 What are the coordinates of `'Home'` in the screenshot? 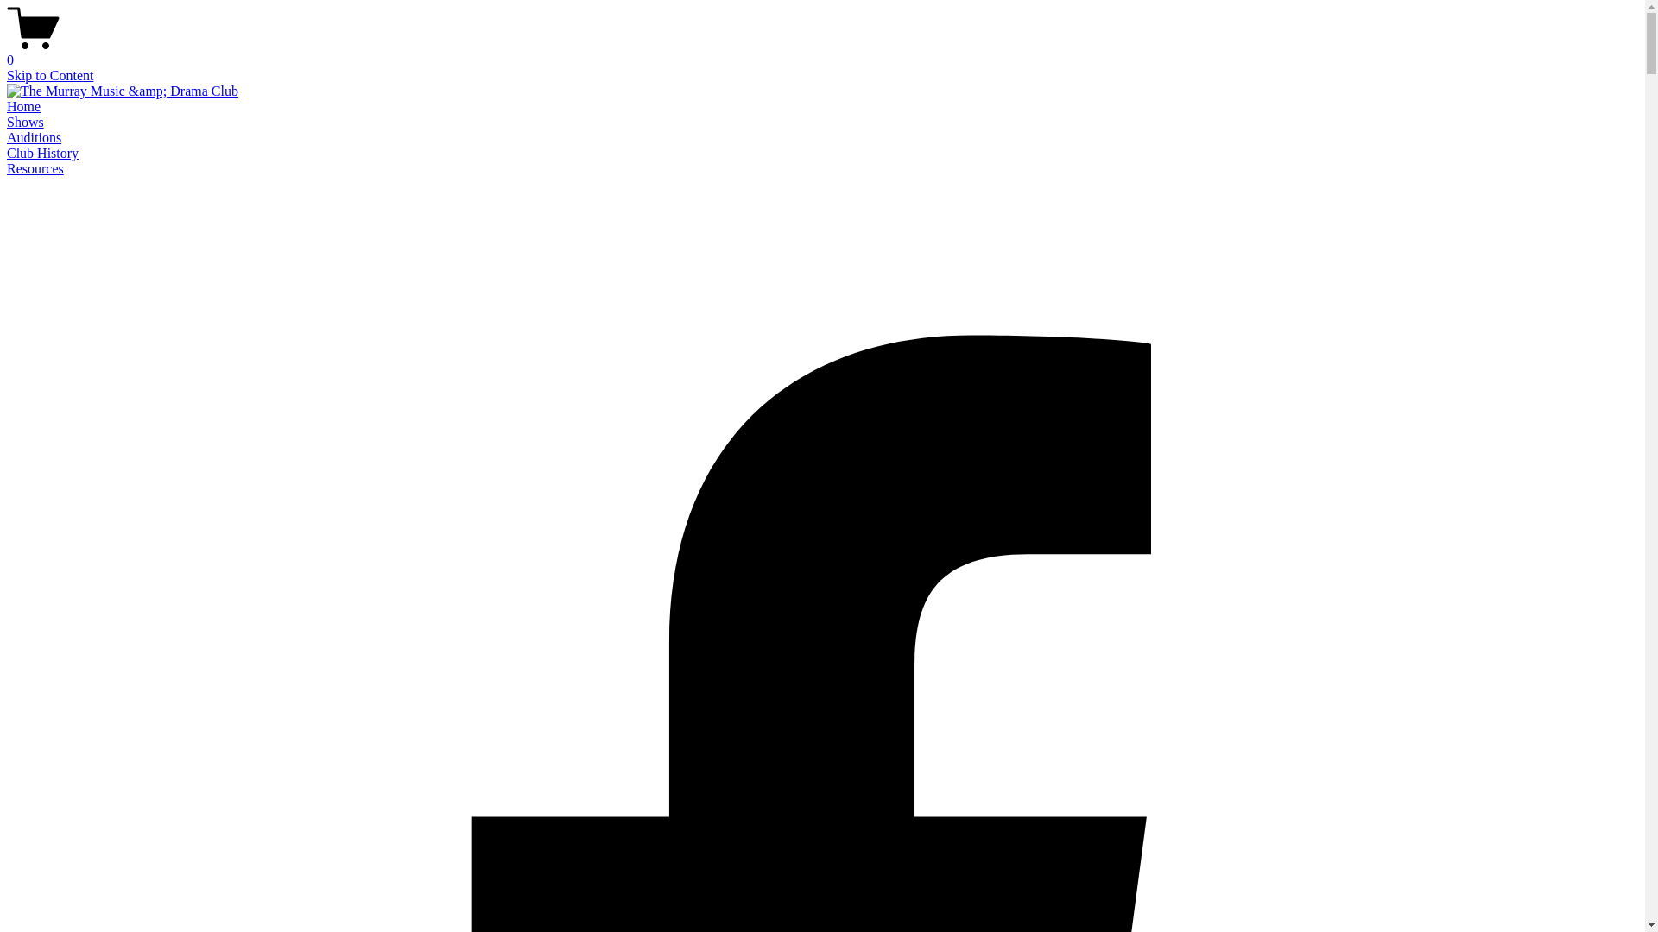 It's located at (23, 106).